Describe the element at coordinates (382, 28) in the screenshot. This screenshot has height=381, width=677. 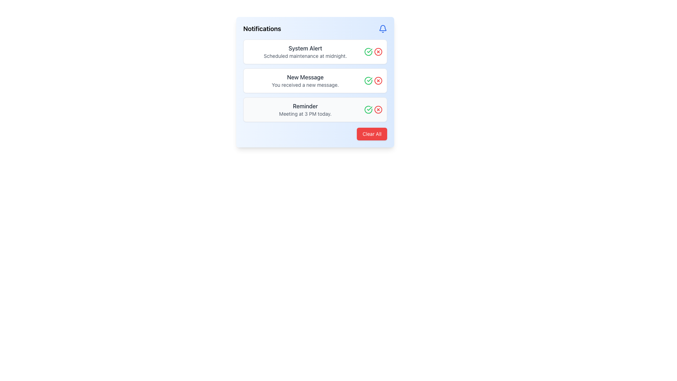
I see `the blue bell icon located at the top-right corner of the notifications card` at that location.